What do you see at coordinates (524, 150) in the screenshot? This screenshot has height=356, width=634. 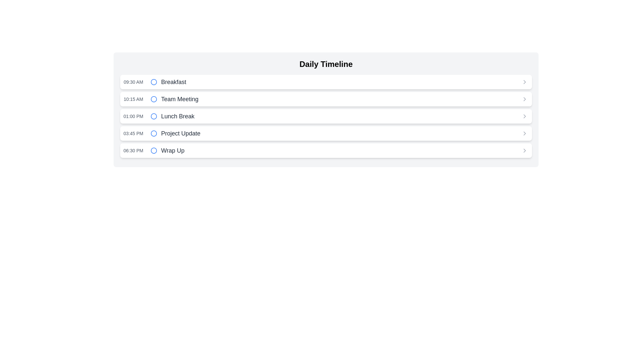 I see `the right-facing chevron icon styled in gray, located within the last item of the vertical list under 'Daily Timeline', specifically in the 'Wrap Up' section` at bounding box center [524, 150].